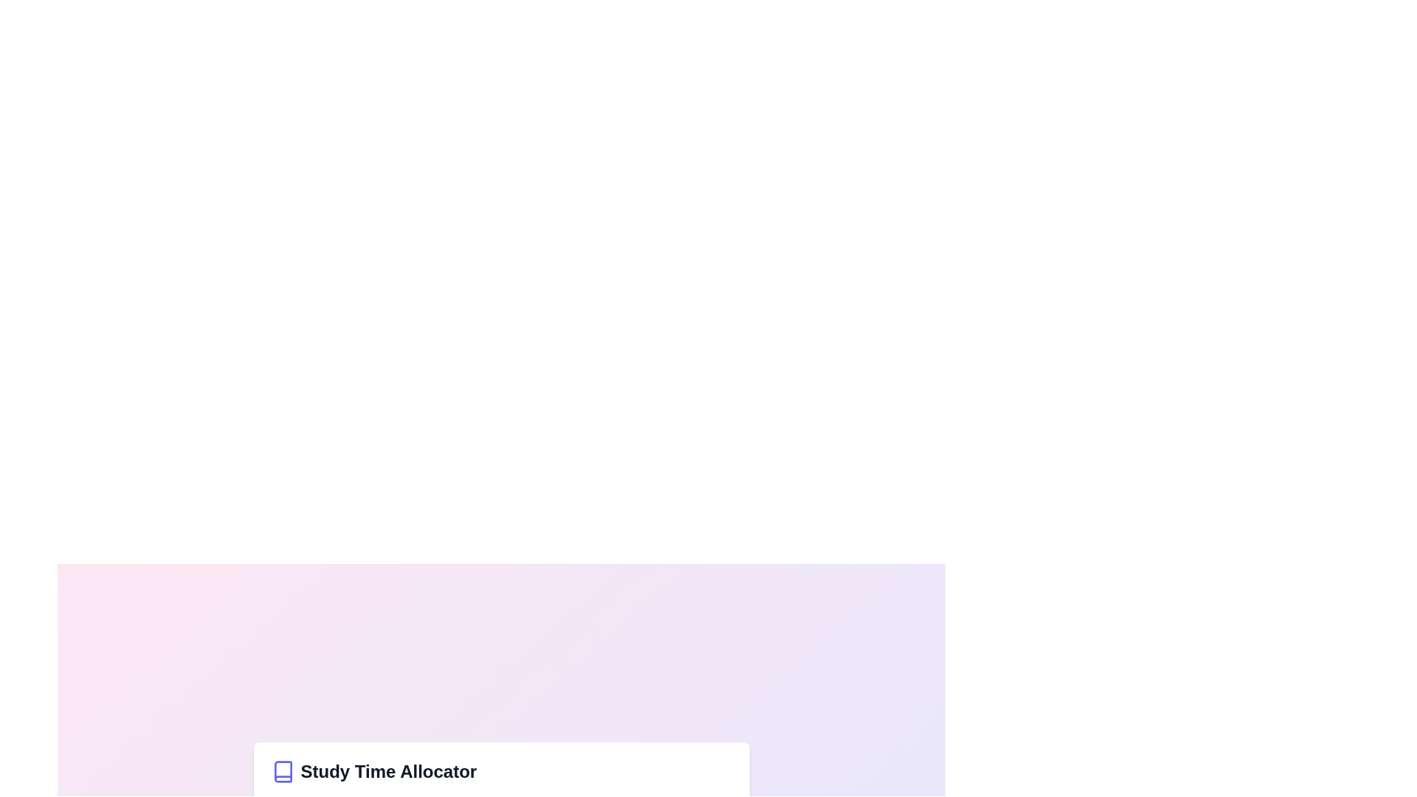 The height and width of the screenshot is (797, 1417). Describe the element at coordinates (501, 770) in the screenshot. I see `the title and description of the component` at that location.